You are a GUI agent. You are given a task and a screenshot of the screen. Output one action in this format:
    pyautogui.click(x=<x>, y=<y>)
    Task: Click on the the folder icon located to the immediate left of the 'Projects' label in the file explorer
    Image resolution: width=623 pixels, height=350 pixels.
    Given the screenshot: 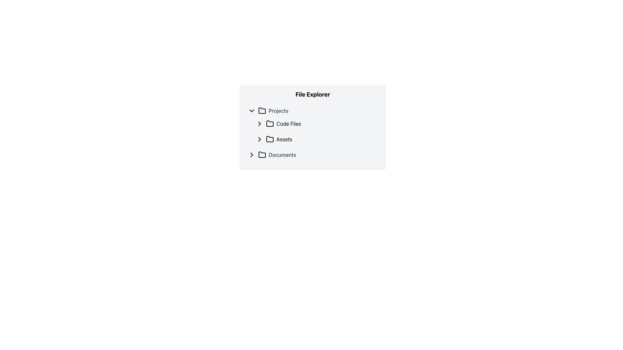 What is the action you would take?
    pyautogui.click(x=262, y=110)
    